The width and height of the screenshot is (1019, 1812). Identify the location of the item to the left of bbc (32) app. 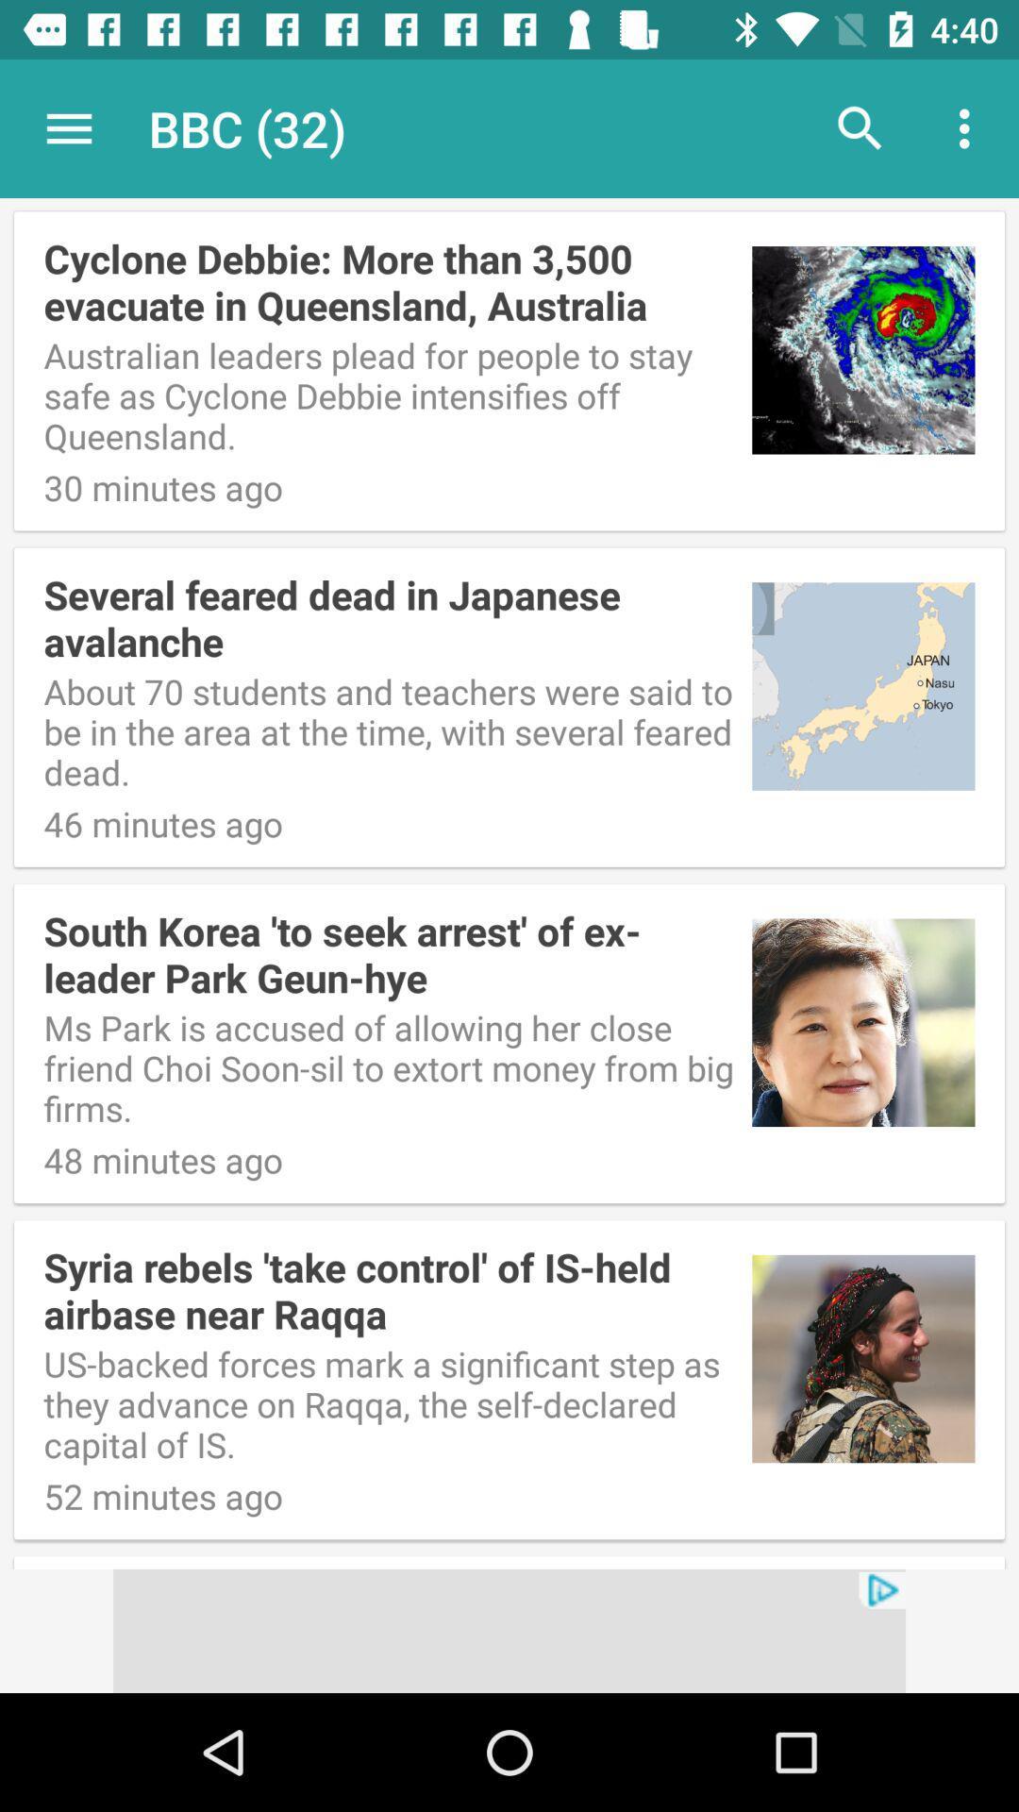
(68, 127).